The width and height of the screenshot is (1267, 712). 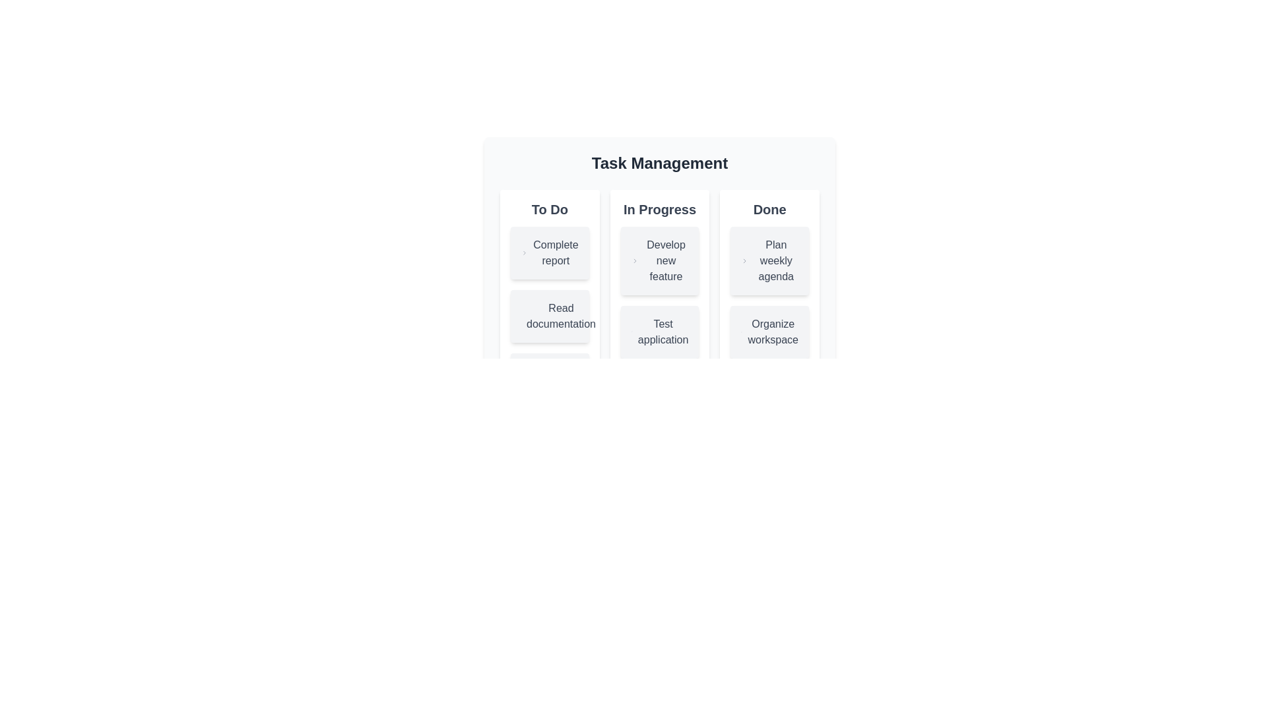 I want to click on the text label that serves as a title for the task within the 'In Progress' column, located beneath the 'Develop new feature' card, so click(x=663, y=332).